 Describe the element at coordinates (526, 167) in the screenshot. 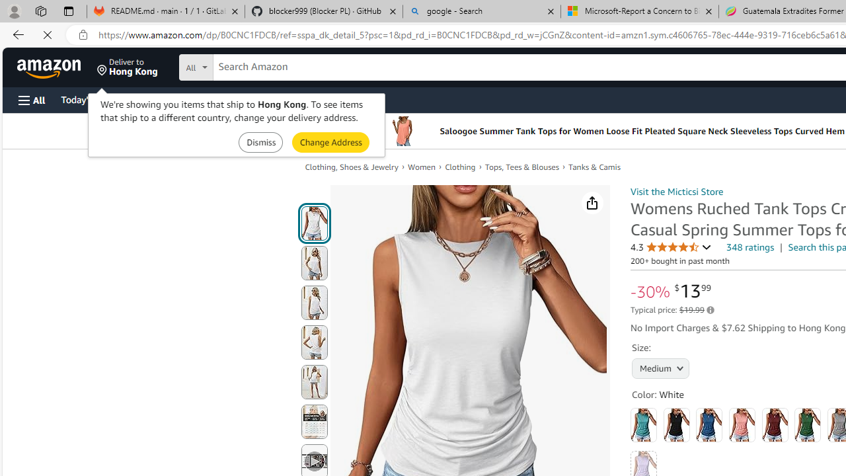

I see `'Tops, Tees & Blouses'` at that location.